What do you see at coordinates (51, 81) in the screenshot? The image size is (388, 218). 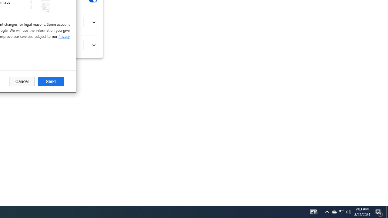 I see `'Send'` at bounding box center [51, 81].